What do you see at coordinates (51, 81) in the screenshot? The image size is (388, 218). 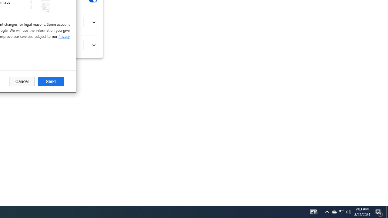 I see `'Send'` at bounding box center [51, 81].